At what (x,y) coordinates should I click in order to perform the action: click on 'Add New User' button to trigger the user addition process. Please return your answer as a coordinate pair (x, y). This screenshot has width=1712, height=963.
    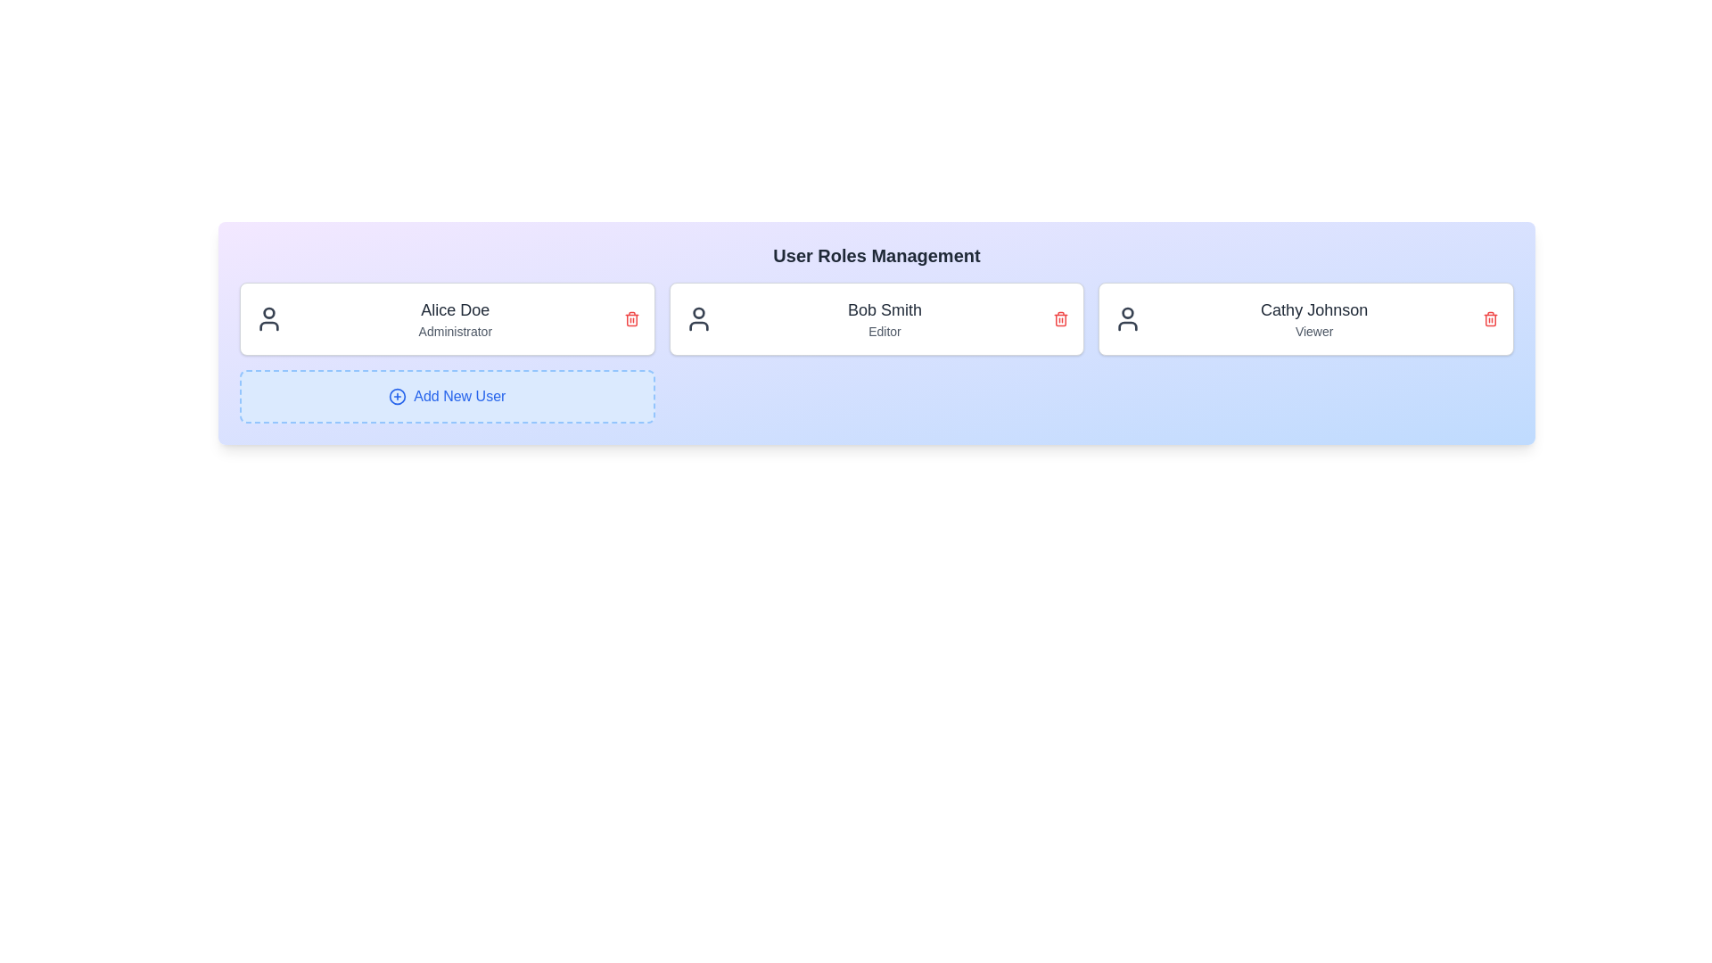
    Looking at the image, I should click on (447, 395).